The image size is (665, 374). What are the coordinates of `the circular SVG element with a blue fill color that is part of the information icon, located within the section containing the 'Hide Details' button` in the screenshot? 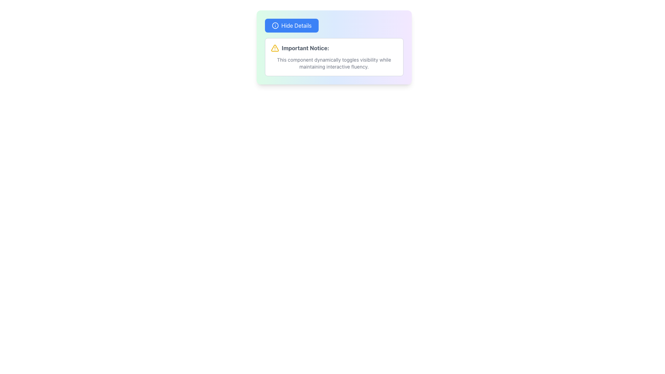 It's located at (275, 25).